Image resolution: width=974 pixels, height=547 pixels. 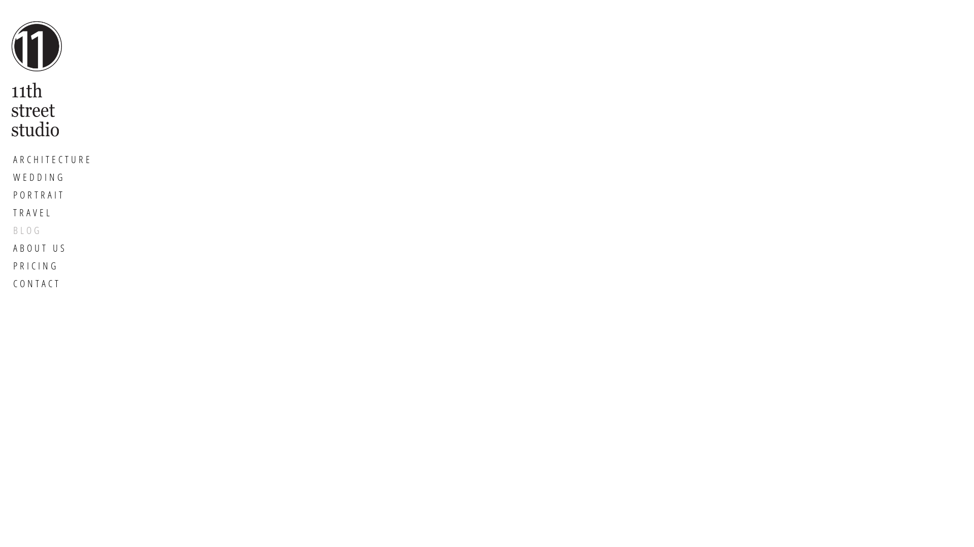 I want to click on 'BLOG', so click(x=52, y=230).